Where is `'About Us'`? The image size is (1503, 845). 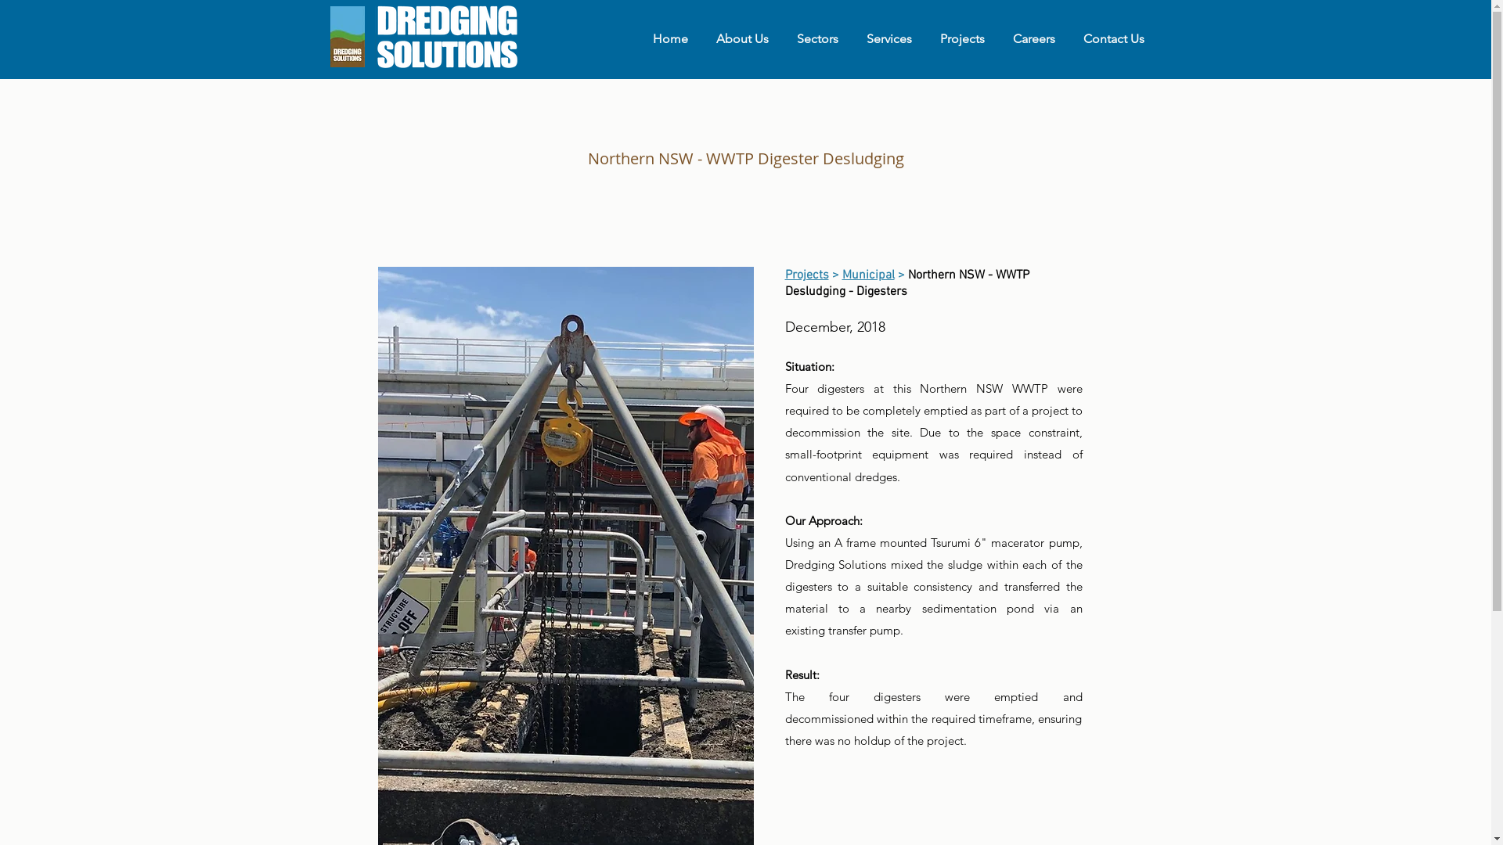 'About Us' is located at coordinates (747, 38).